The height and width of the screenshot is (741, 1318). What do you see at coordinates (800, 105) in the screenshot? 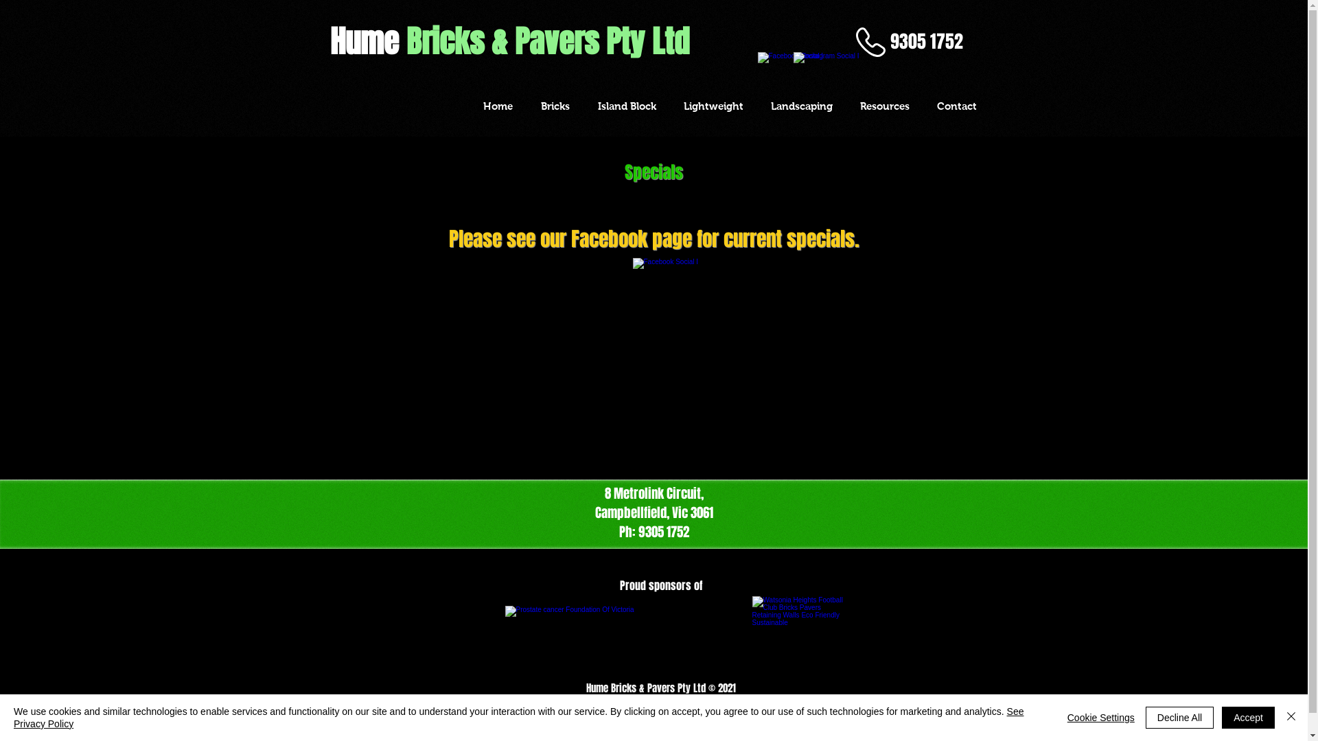
I see `'Landscaping'` at bounding box center [800, 105].